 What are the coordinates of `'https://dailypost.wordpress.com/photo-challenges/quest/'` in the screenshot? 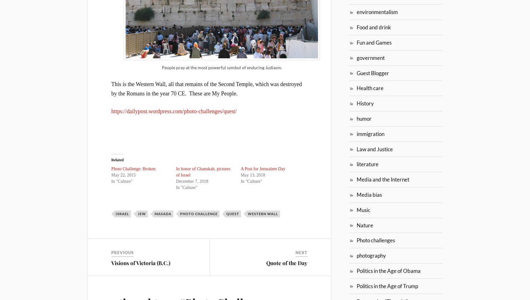 It's located at (173, 111).